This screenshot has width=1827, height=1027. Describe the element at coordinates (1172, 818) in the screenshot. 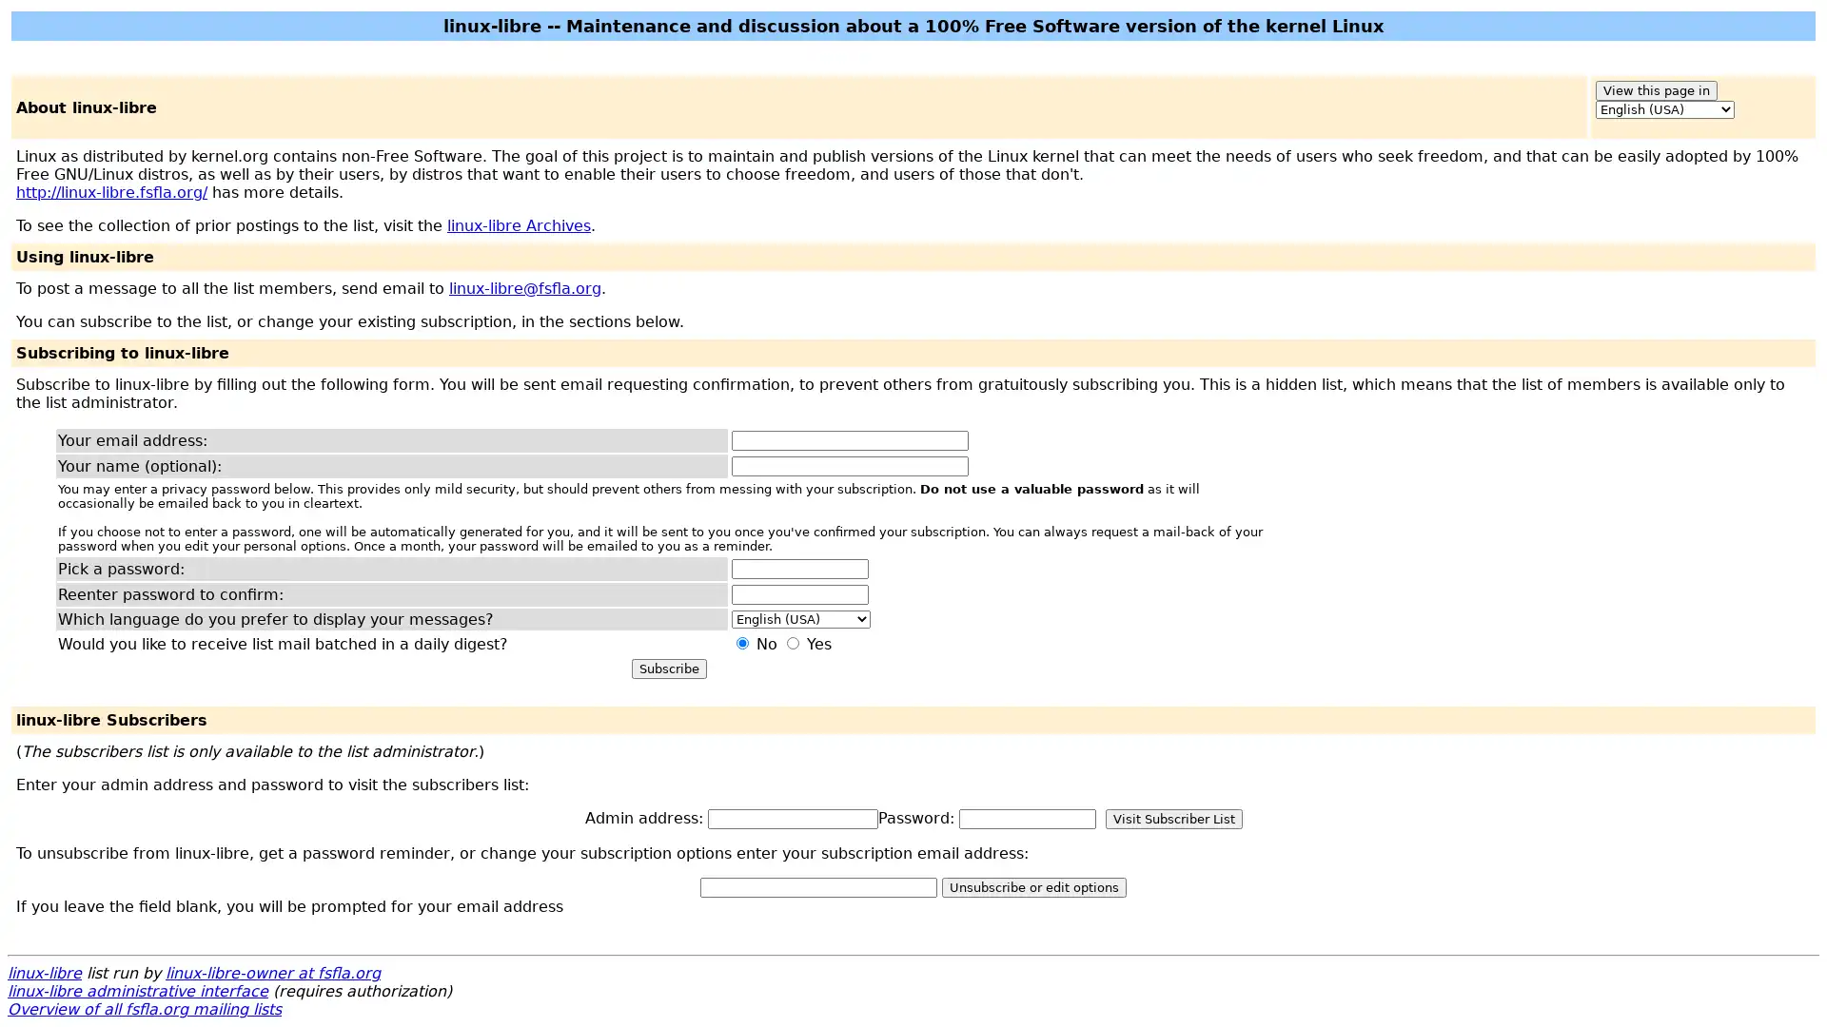

I see `Visit Subscriber List` at that location.